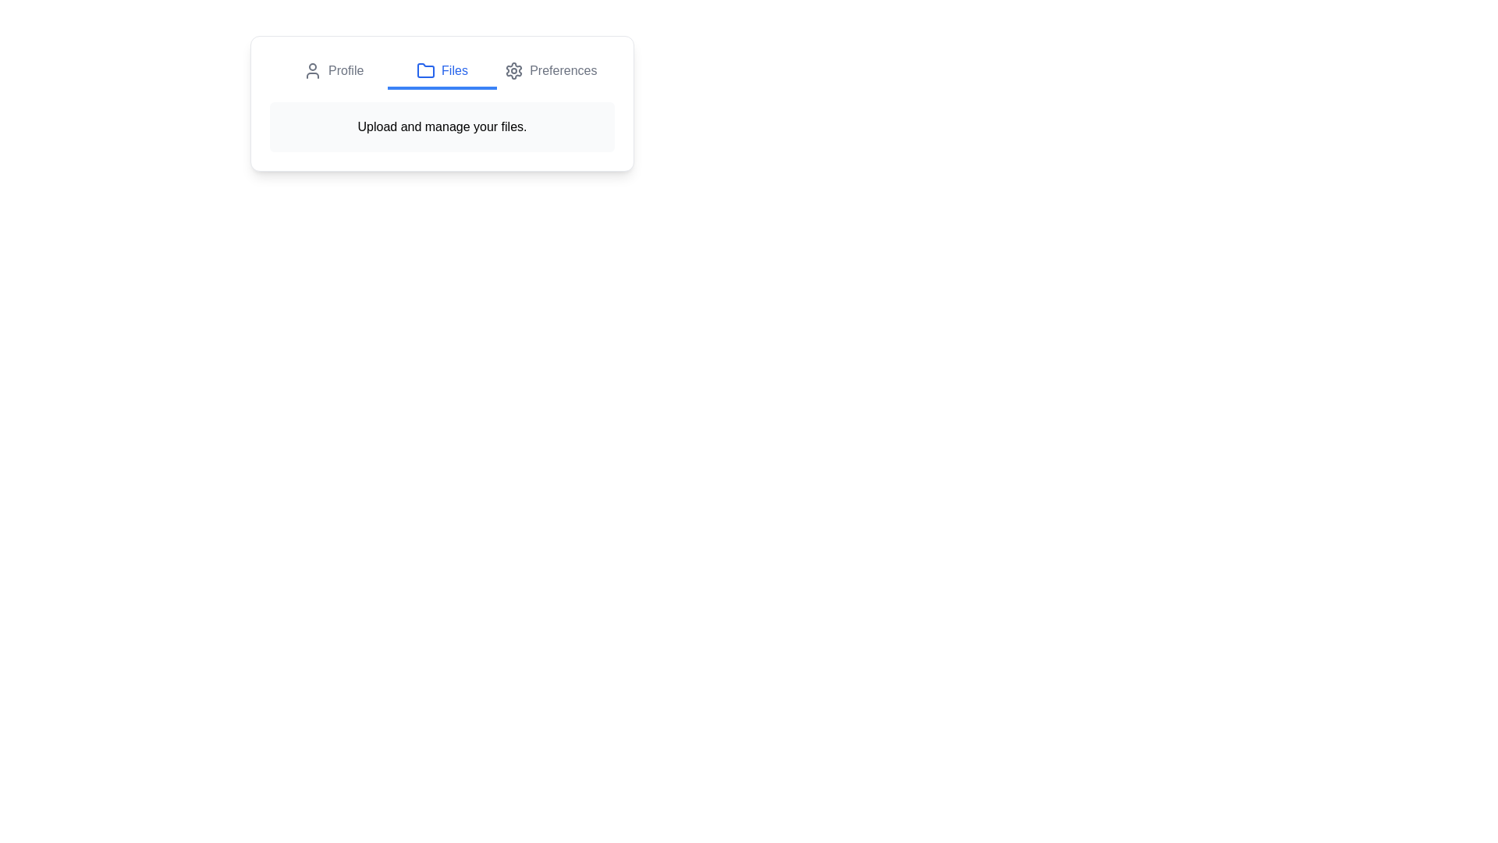  What do you see at coordinates (550, 72) in the screenshot?
I see `the Preferences tab to view its content` at bounding box center [550, 72].